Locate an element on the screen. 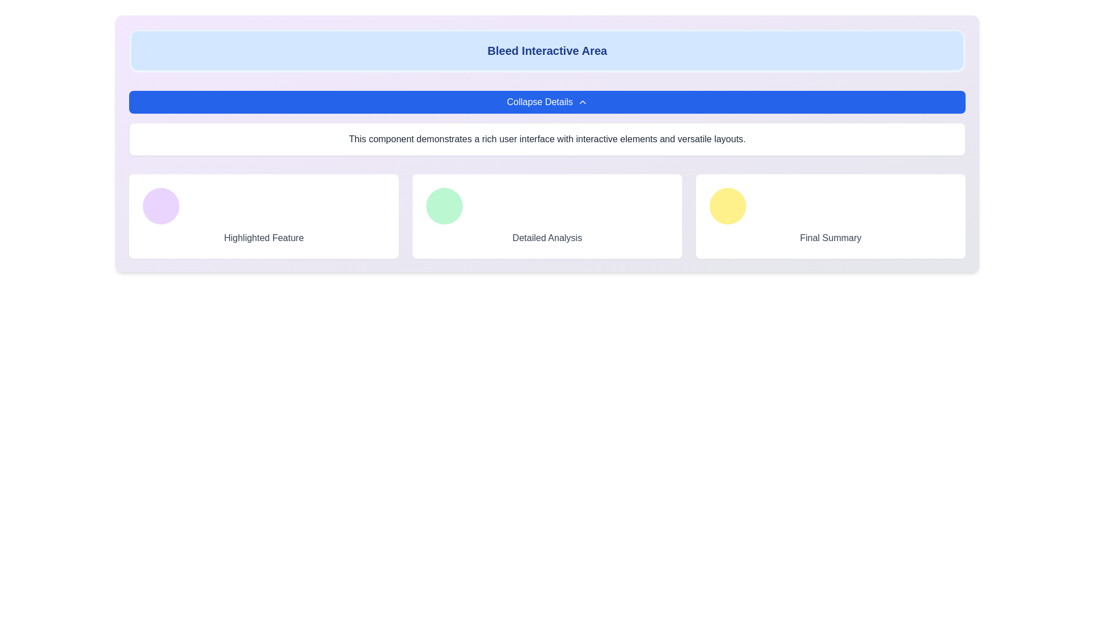  changes in the state of the upward-facing chevron icon, which is part of the 'Collapse Details' button, located to the right of the label text is located at coordinates (582, 101).